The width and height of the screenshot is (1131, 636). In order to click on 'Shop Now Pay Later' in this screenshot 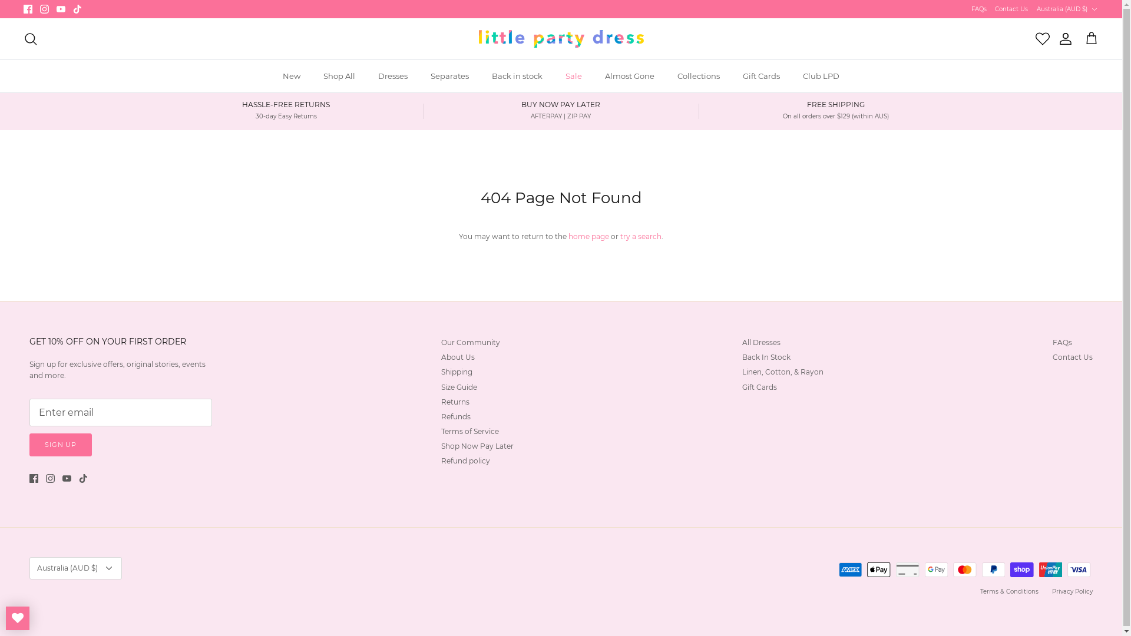, I will do `click(477, 446)`.